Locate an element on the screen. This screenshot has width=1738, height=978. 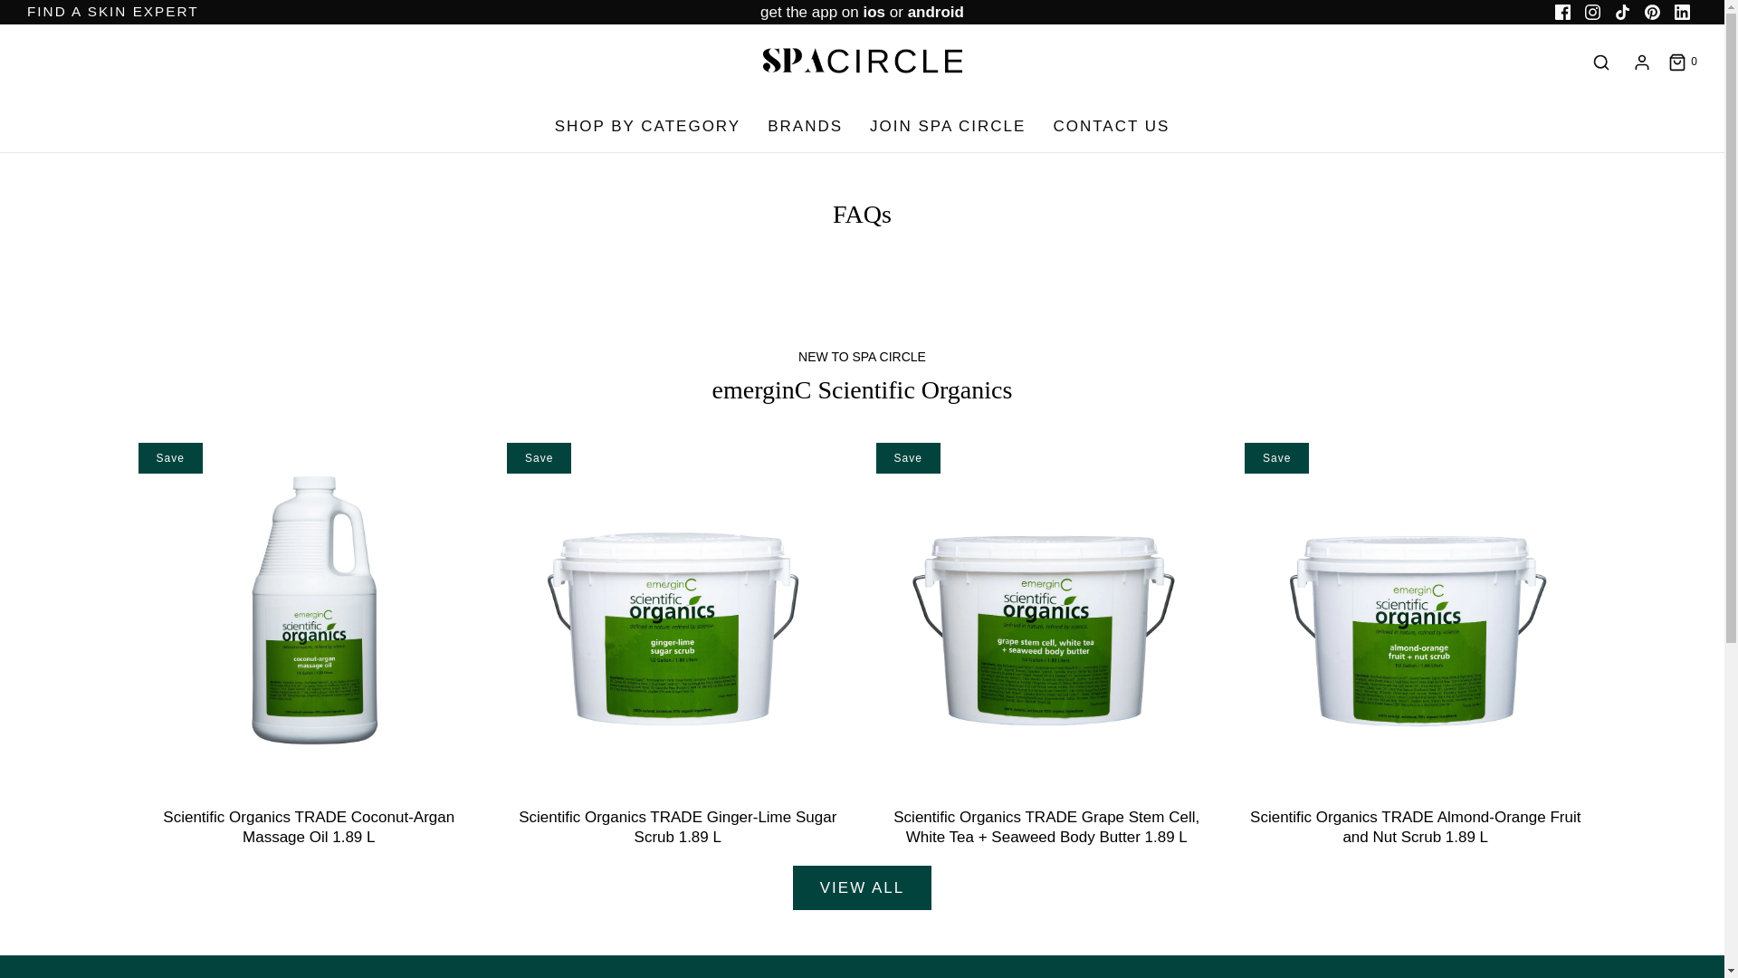
'VIEW ALL' is located at coordinates (861, 887).